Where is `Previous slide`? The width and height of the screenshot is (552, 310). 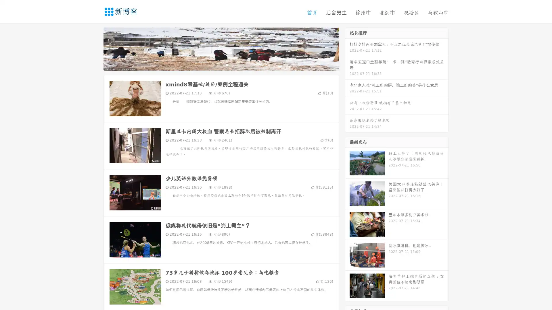
Previous slide is located at coordinates (95, 48).